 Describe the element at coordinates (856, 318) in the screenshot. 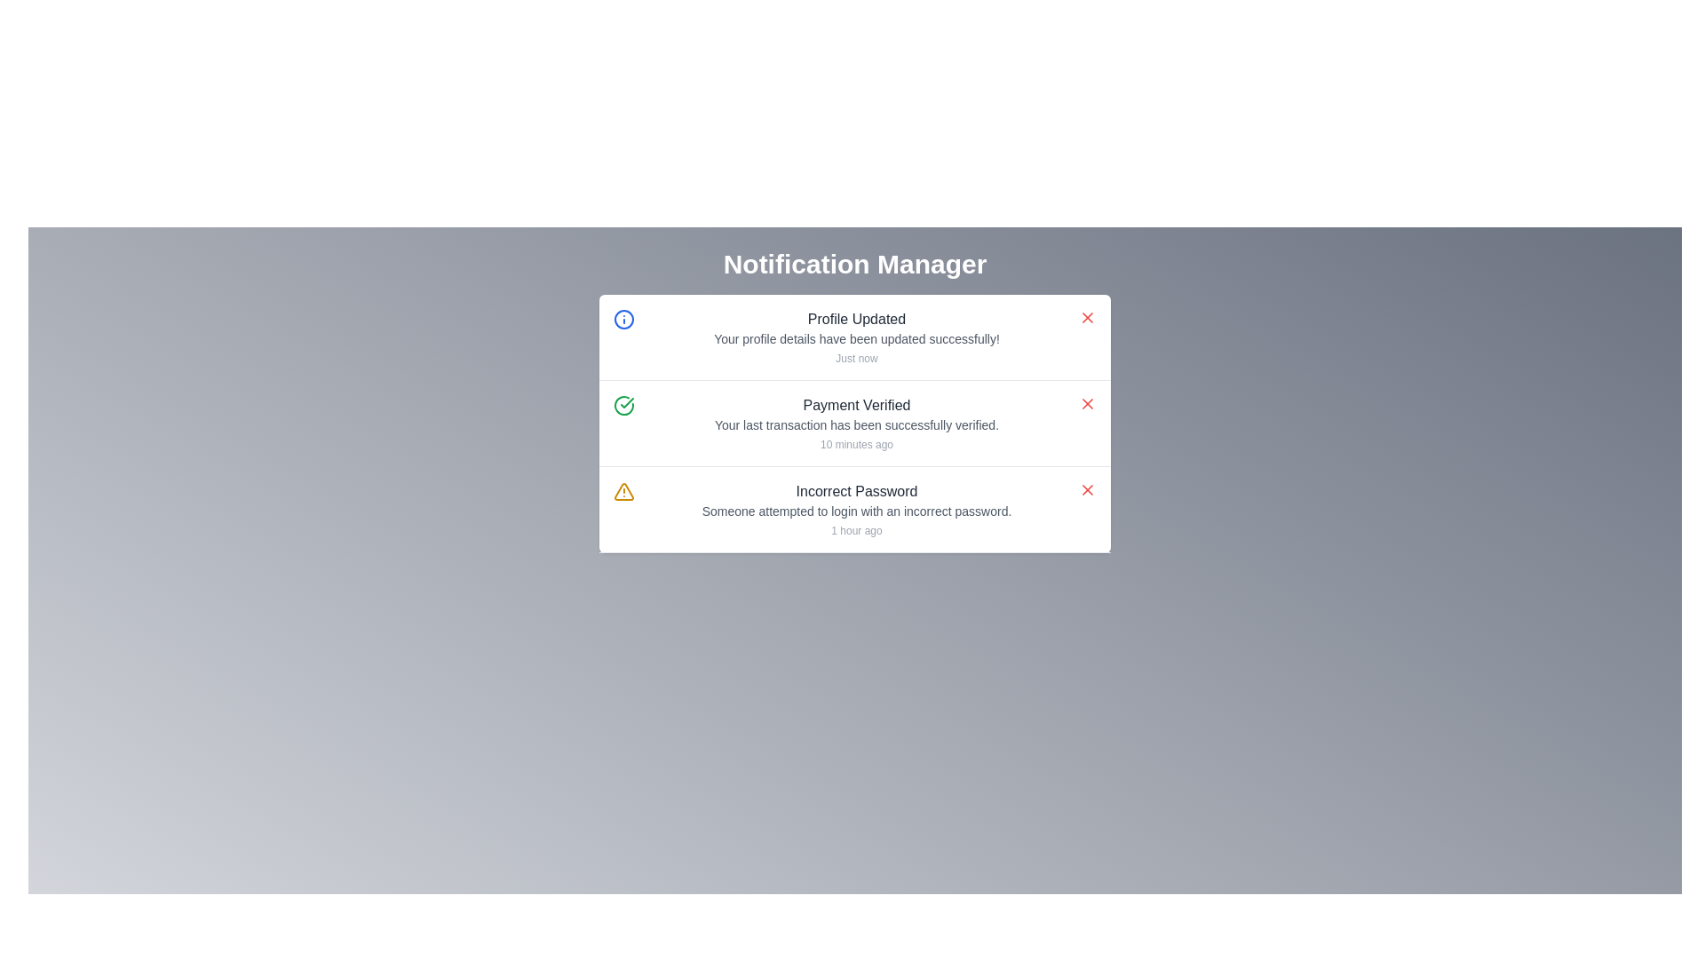

I see `text content of the 'Profile Updated' notification at the top of the notification card in the Notification Manager interface` at that location.